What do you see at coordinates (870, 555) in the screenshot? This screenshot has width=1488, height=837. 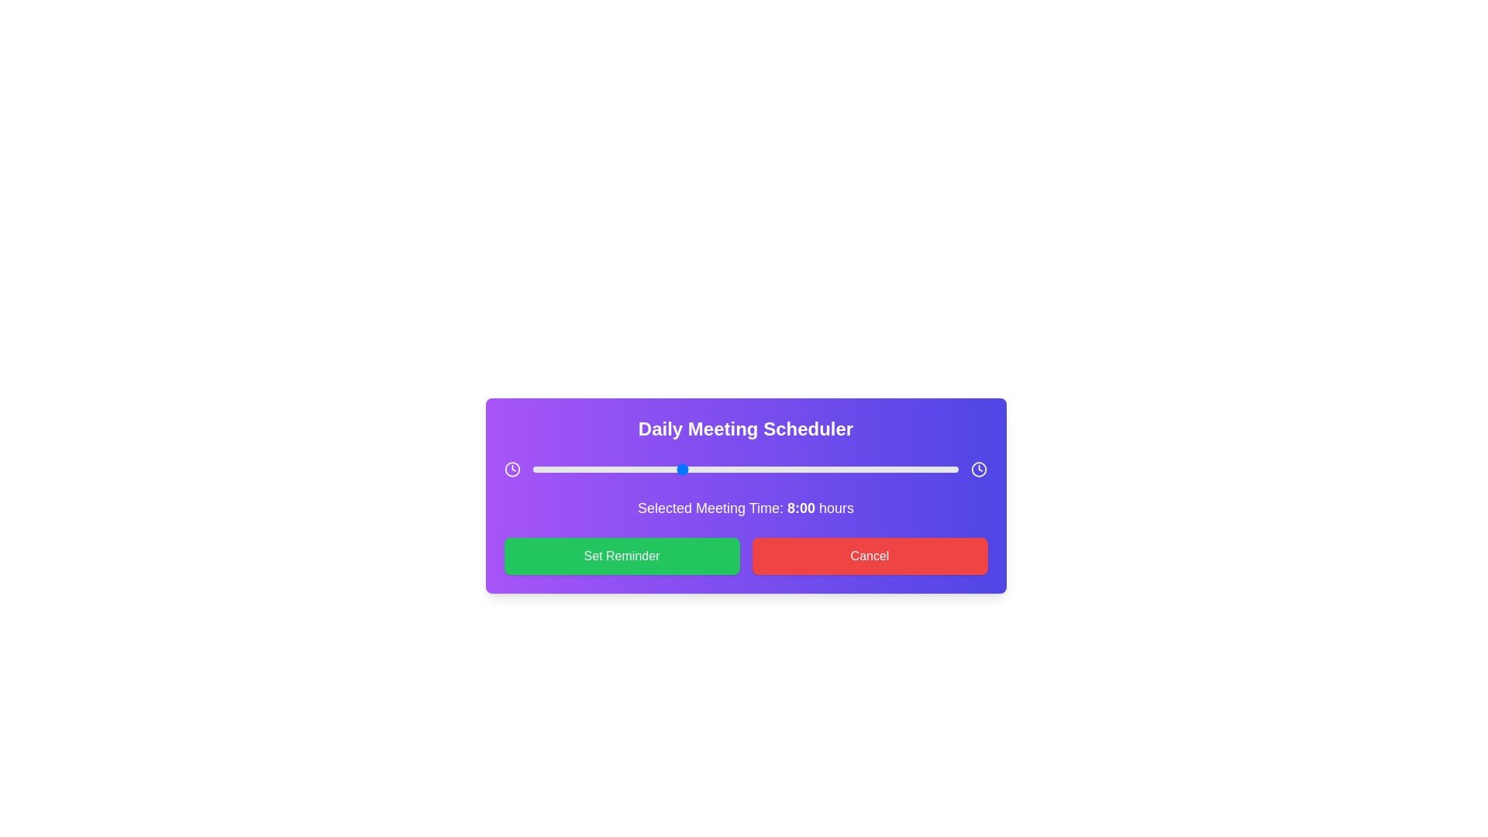 I see `the 'Cancel' button to cancel the current operation` at bounding box center [870, 555].